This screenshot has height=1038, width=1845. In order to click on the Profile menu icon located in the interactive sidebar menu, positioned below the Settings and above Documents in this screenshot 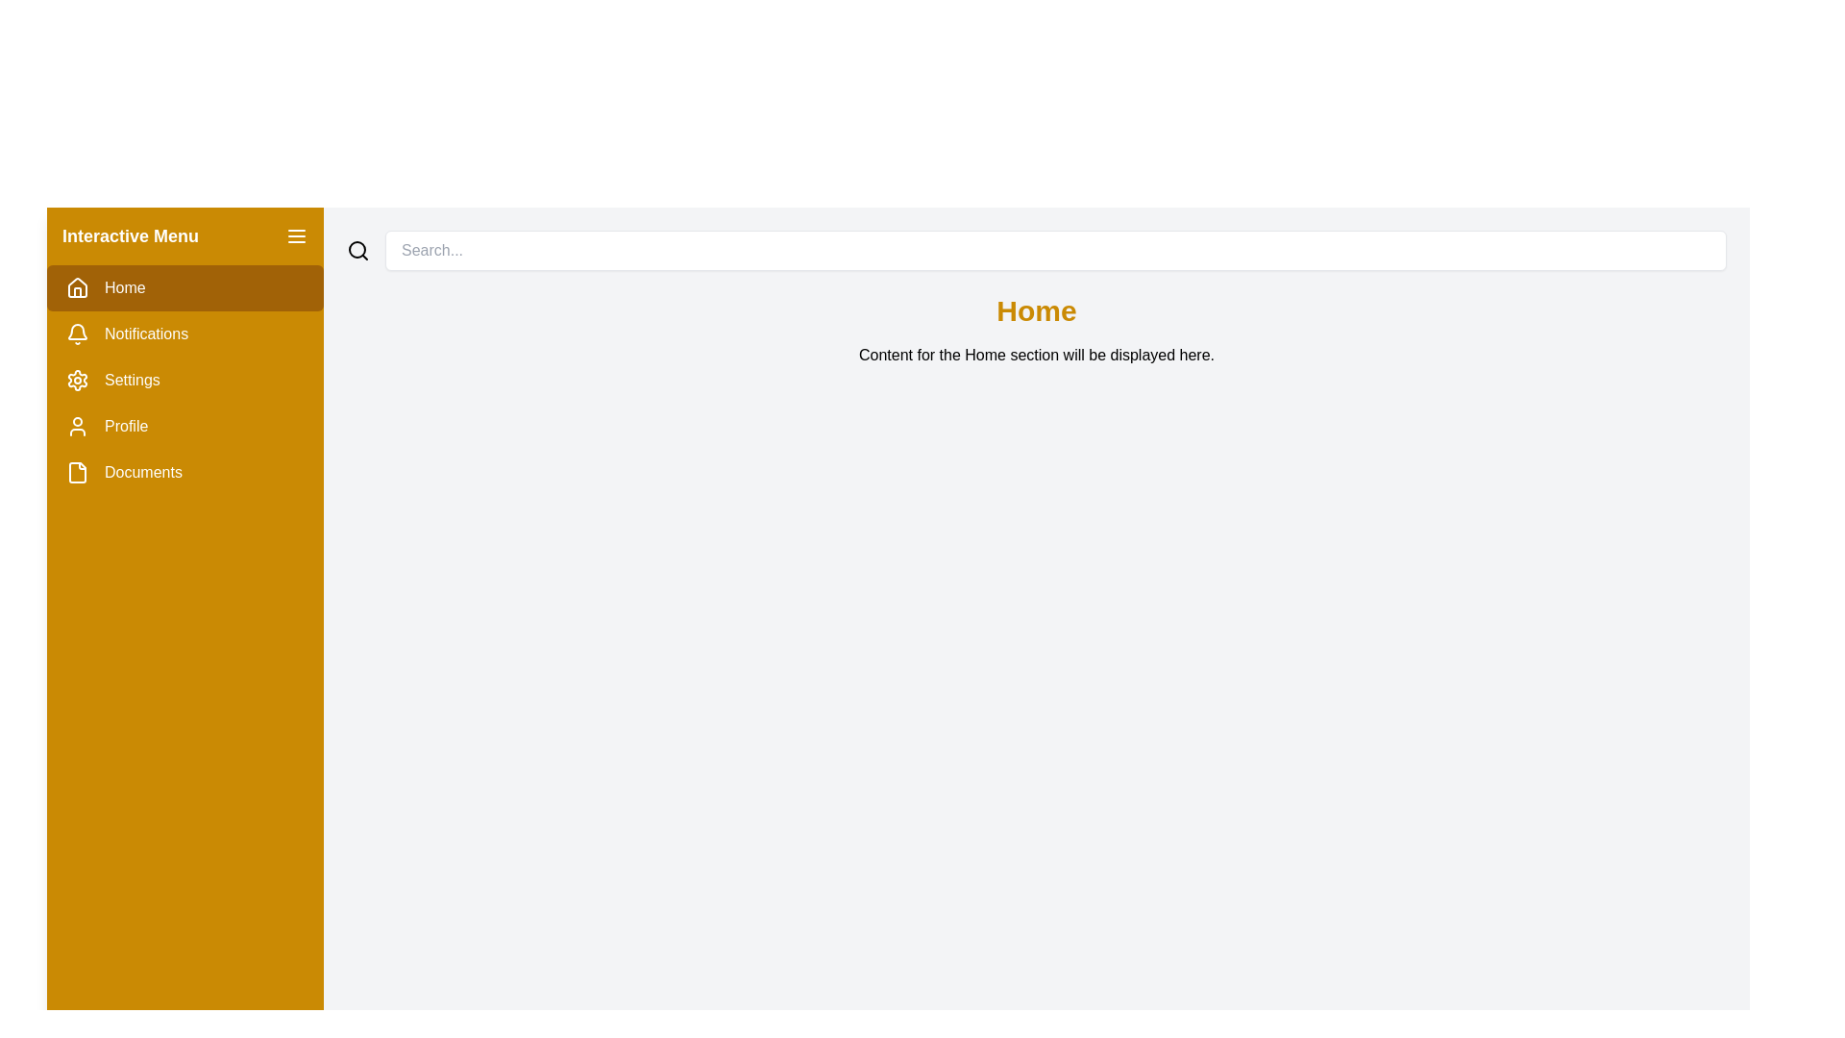, I will do `click(77, 425)`.